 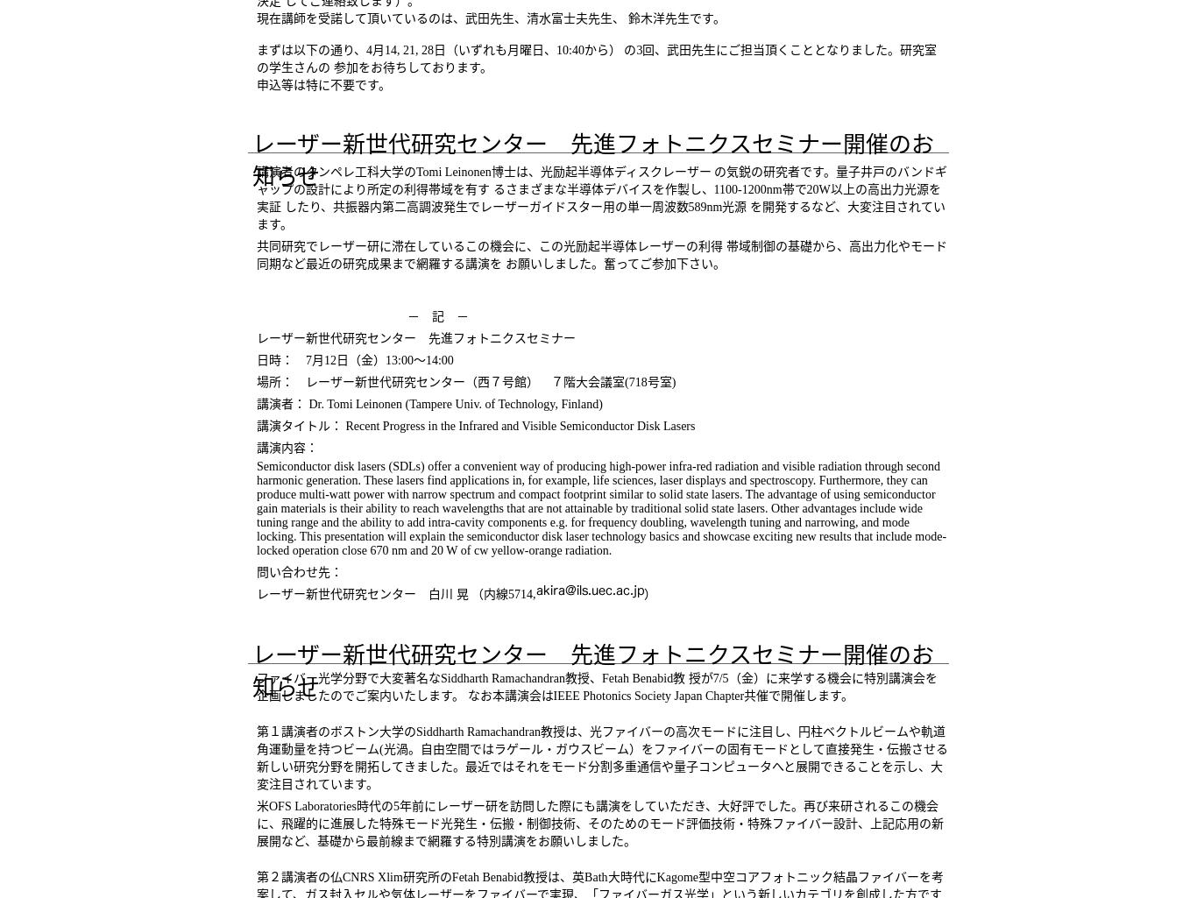 I want to click on '講演者：  Dr. Tomi Leinonen (Tampere Univ. of Technology, Finland)', so click(x=429, y=403).